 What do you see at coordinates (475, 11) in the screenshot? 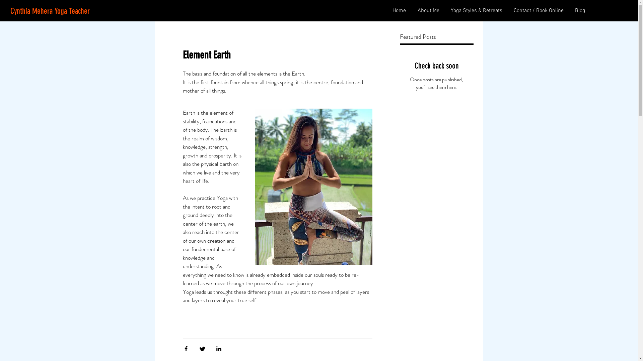
I see `'Yoga Styles & Retreats'` at bounding box center [475, 11].